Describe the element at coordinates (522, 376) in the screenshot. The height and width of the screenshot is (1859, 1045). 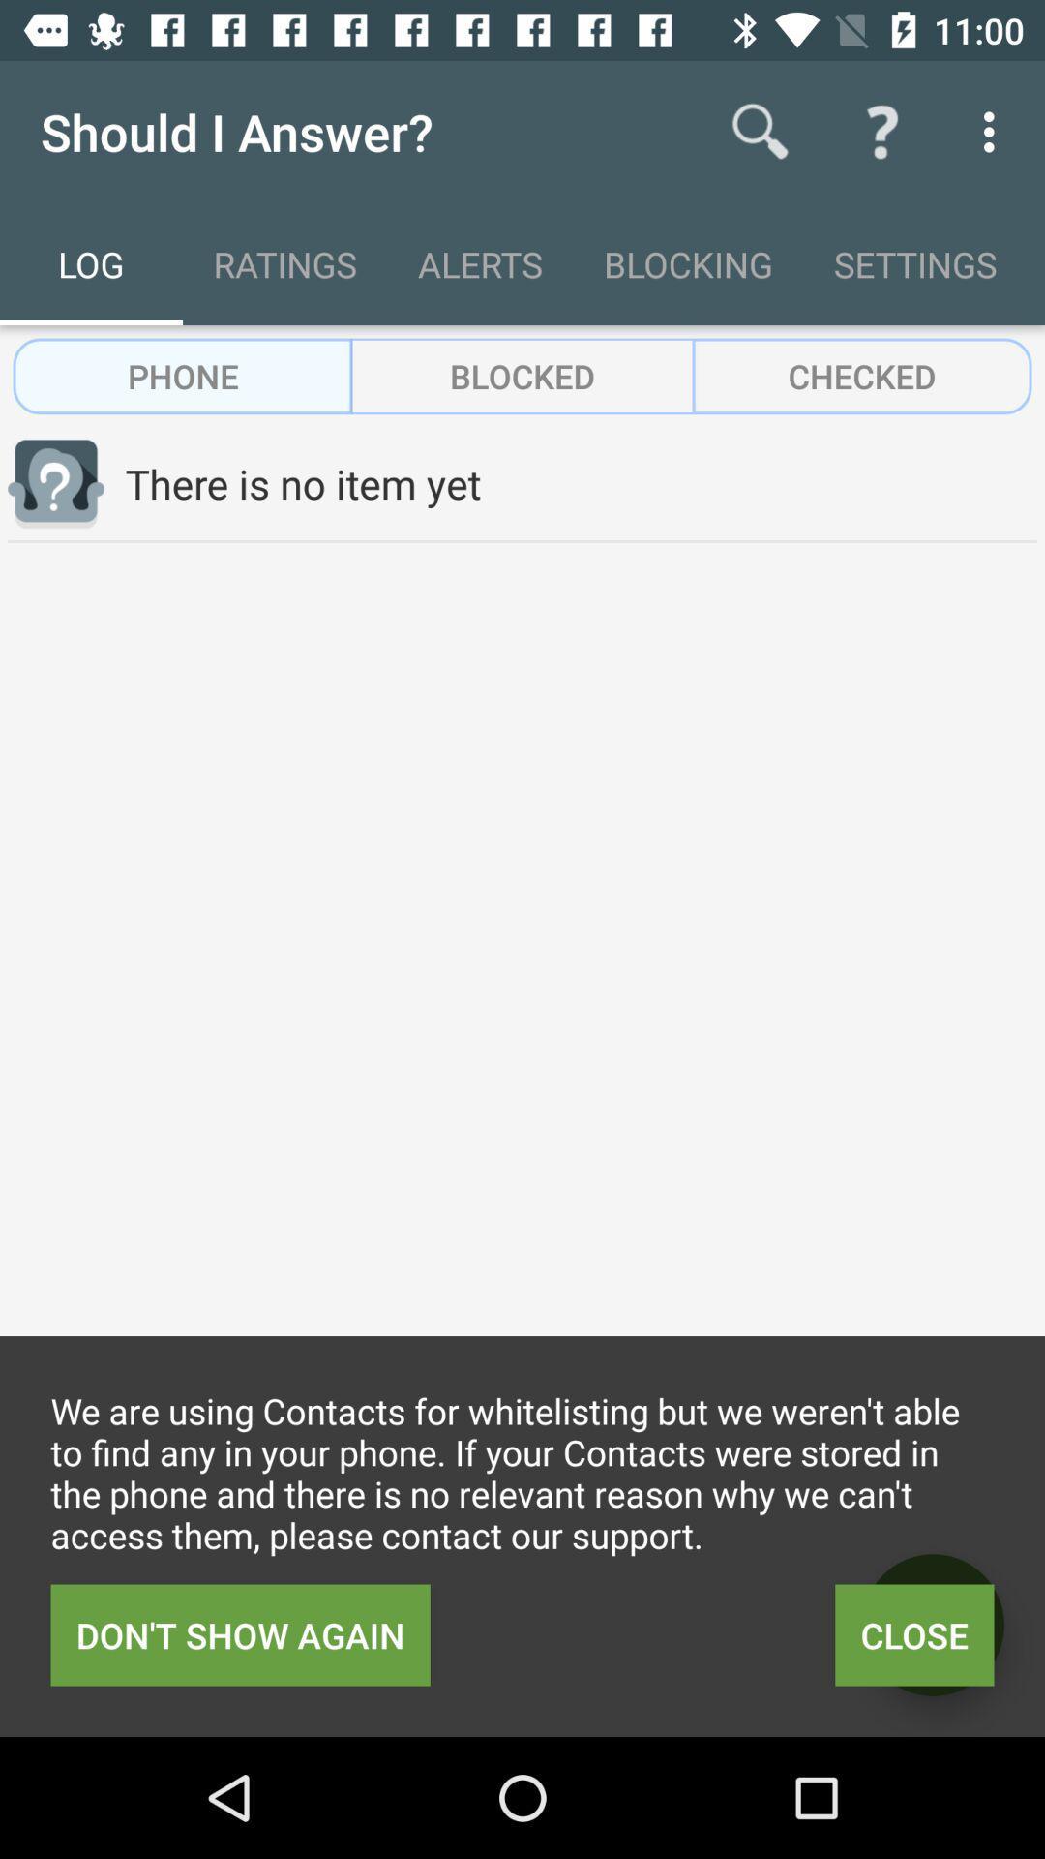
I see `item to the left of the checked item` at that location.